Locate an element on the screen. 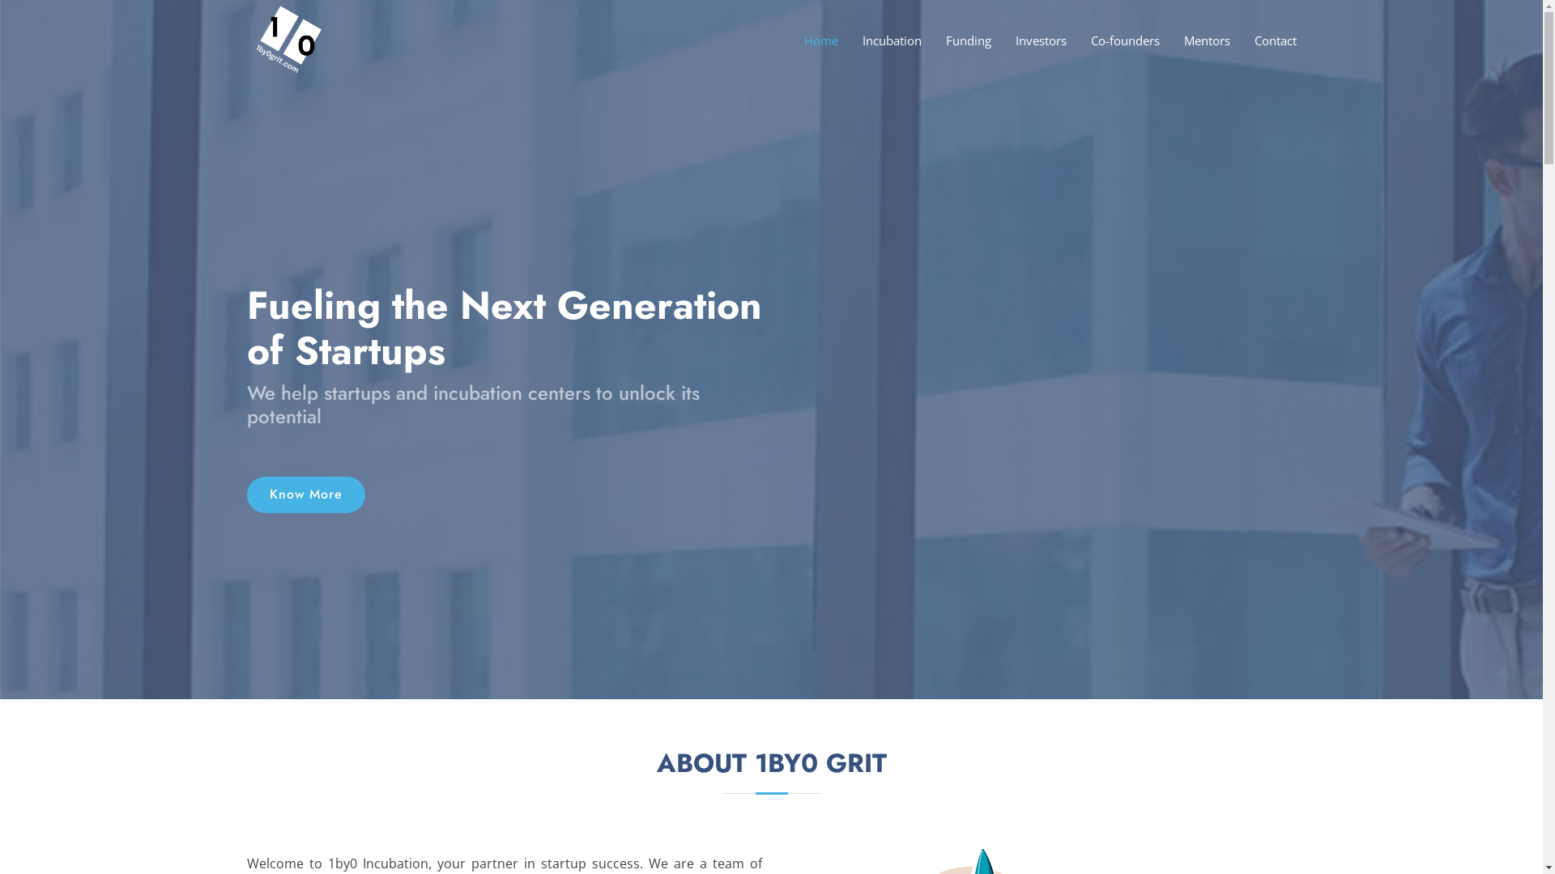 This screenshot has width=1555, height=874. 'Home' is located at coordinates (808, 40).